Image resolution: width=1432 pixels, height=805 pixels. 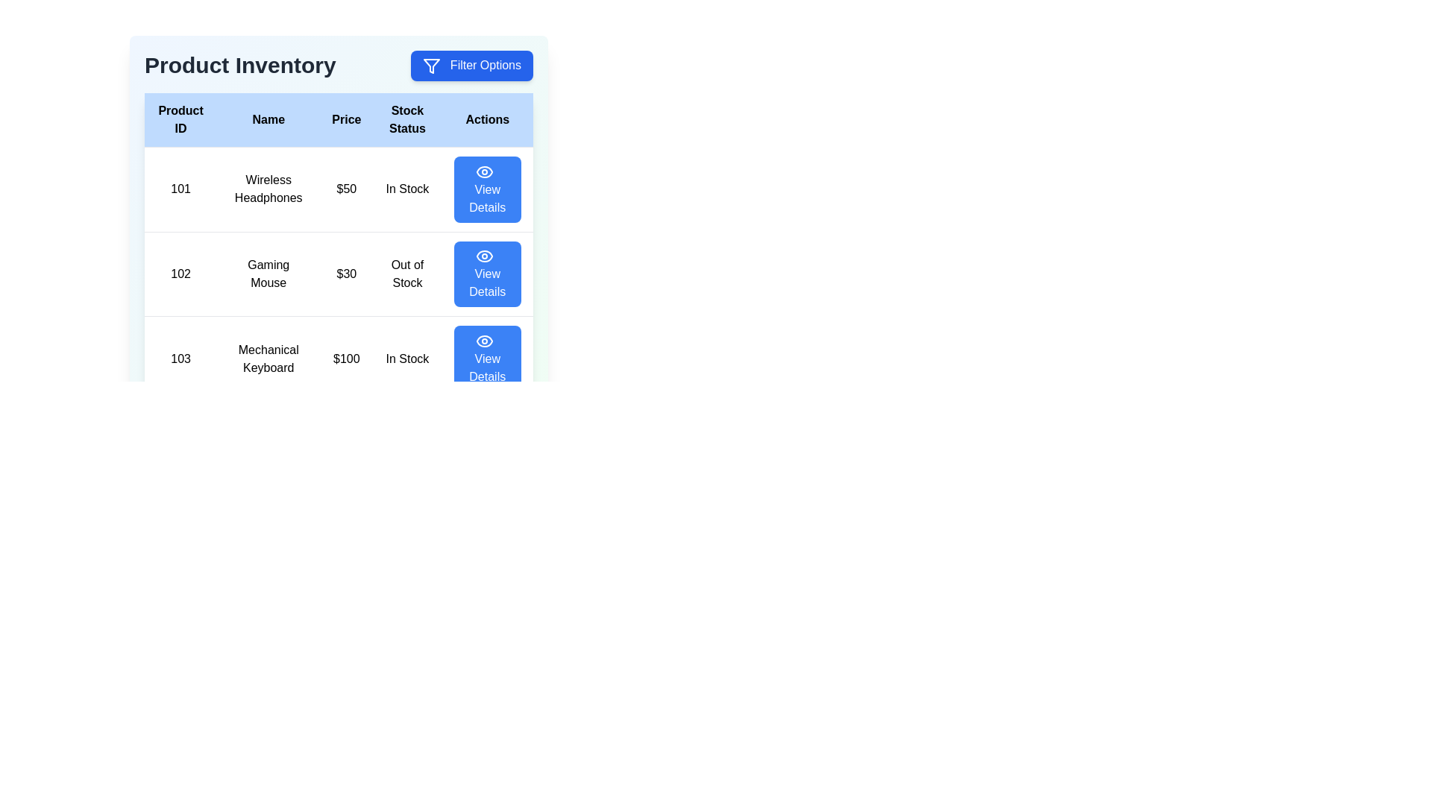 What do you see at coordinates (487, 359) in the screenshot?
I see `the 'View Details' button for the product with ID 103` at bounding box center [487, 359].